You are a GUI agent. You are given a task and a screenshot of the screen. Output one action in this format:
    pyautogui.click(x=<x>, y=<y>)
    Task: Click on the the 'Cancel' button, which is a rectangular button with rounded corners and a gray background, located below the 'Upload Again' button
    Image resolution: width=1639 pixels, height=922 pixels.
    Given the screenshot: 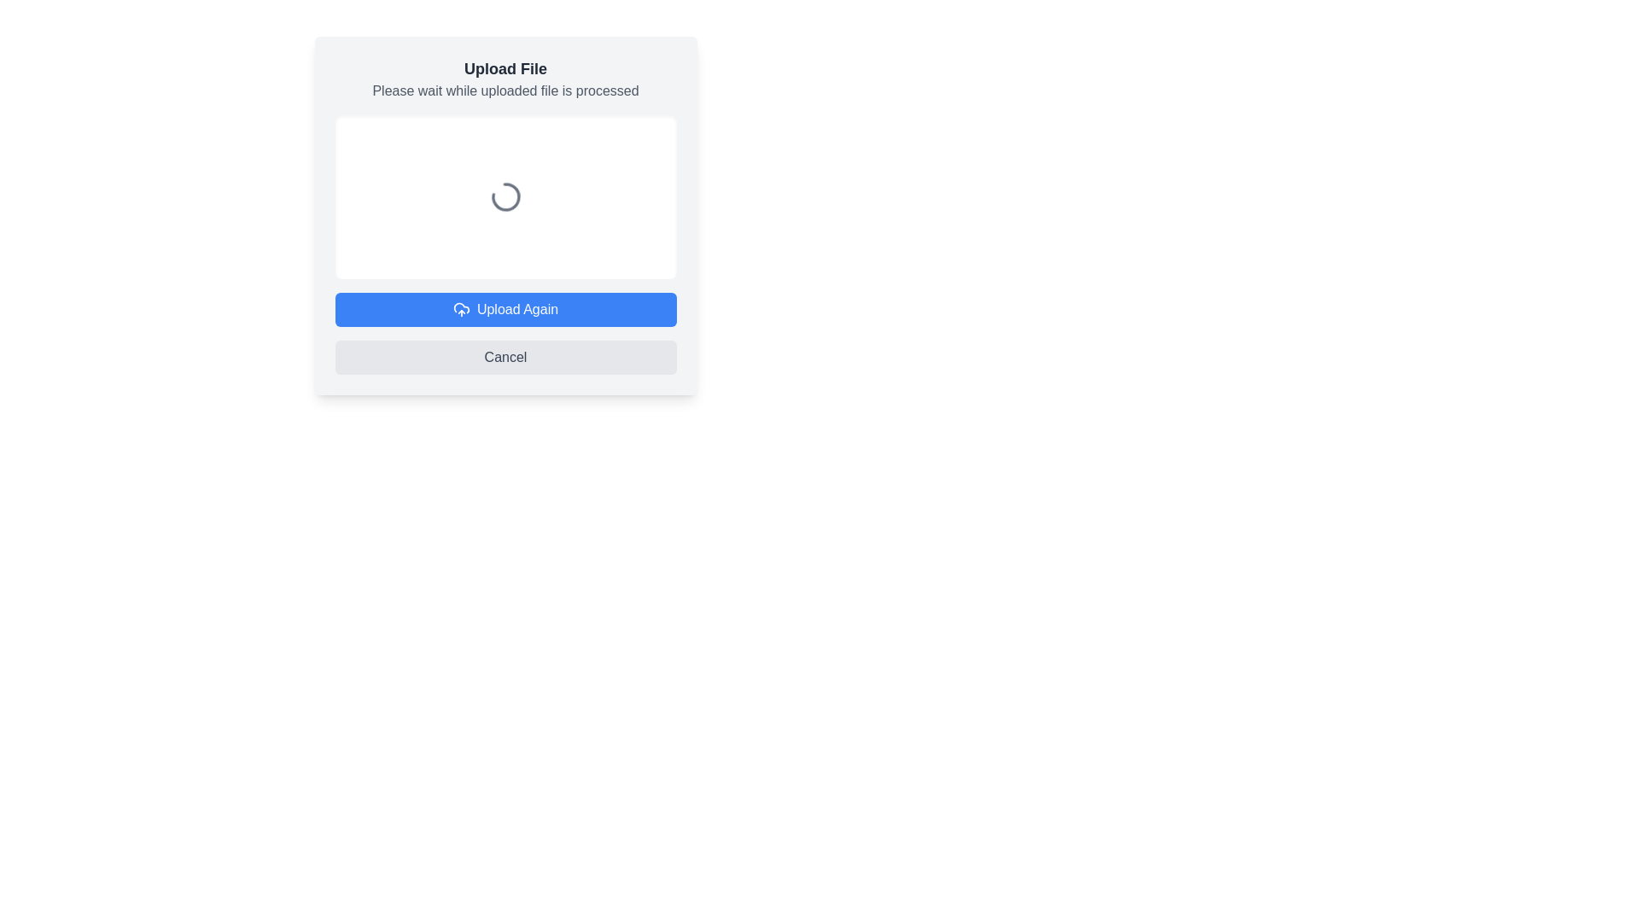 What is the action you would take?
    pyautogui.click(x=505, y=357)
    